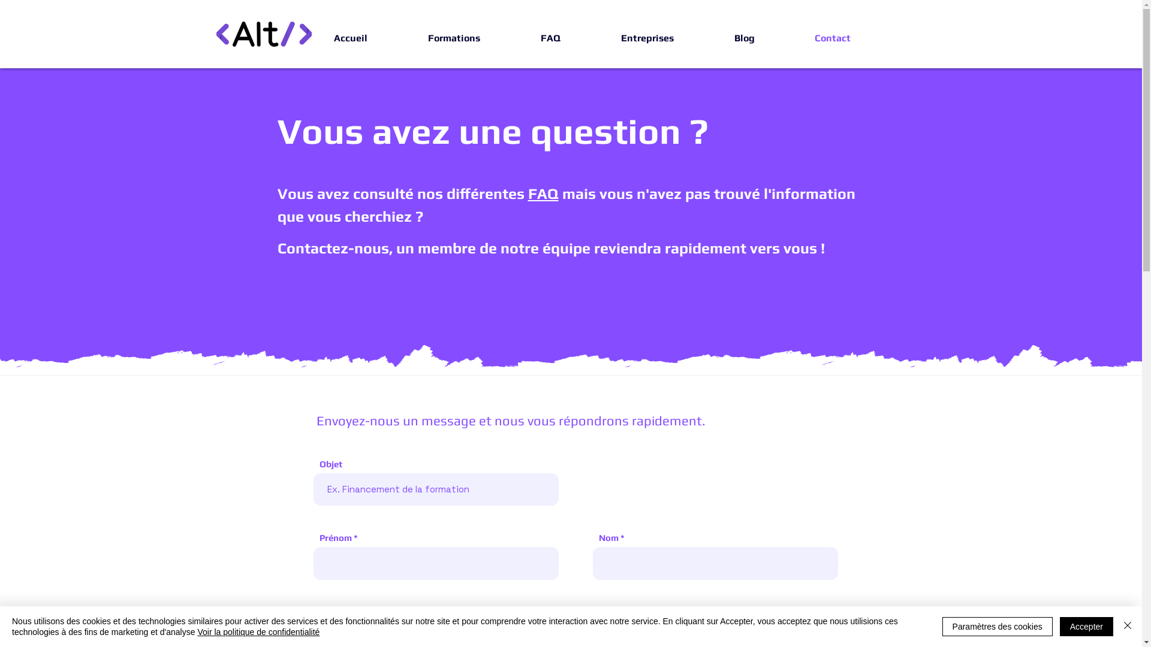 The width and height of the screenshot is (1151, 647). I want to click on 'Entreprises', so click(625, 37).